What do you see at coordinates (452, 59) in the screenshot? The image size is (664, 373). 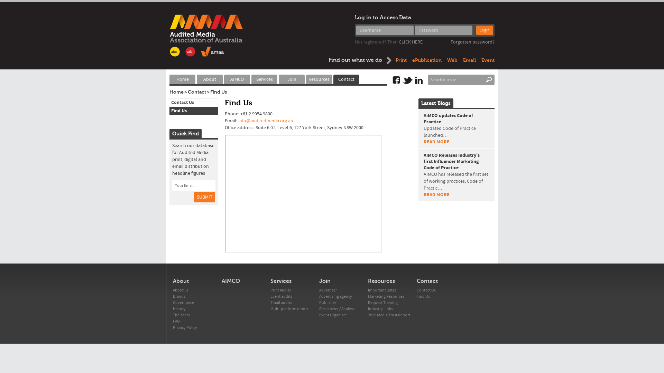 I see `'Web'` at bounding box center [452, 59].